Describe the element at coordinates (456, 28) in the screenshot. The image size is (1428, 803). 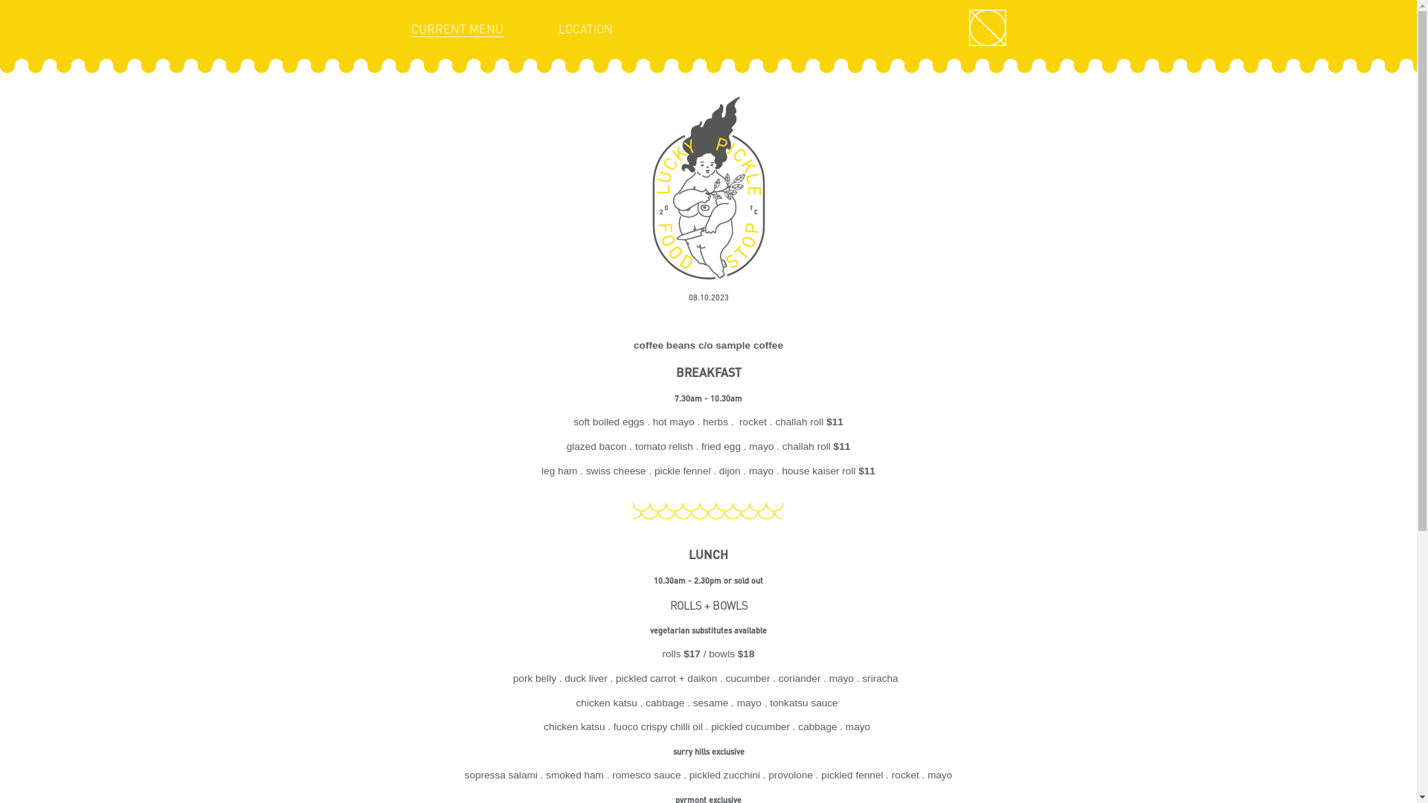
I see `'CURRENT MENU'` at that location.